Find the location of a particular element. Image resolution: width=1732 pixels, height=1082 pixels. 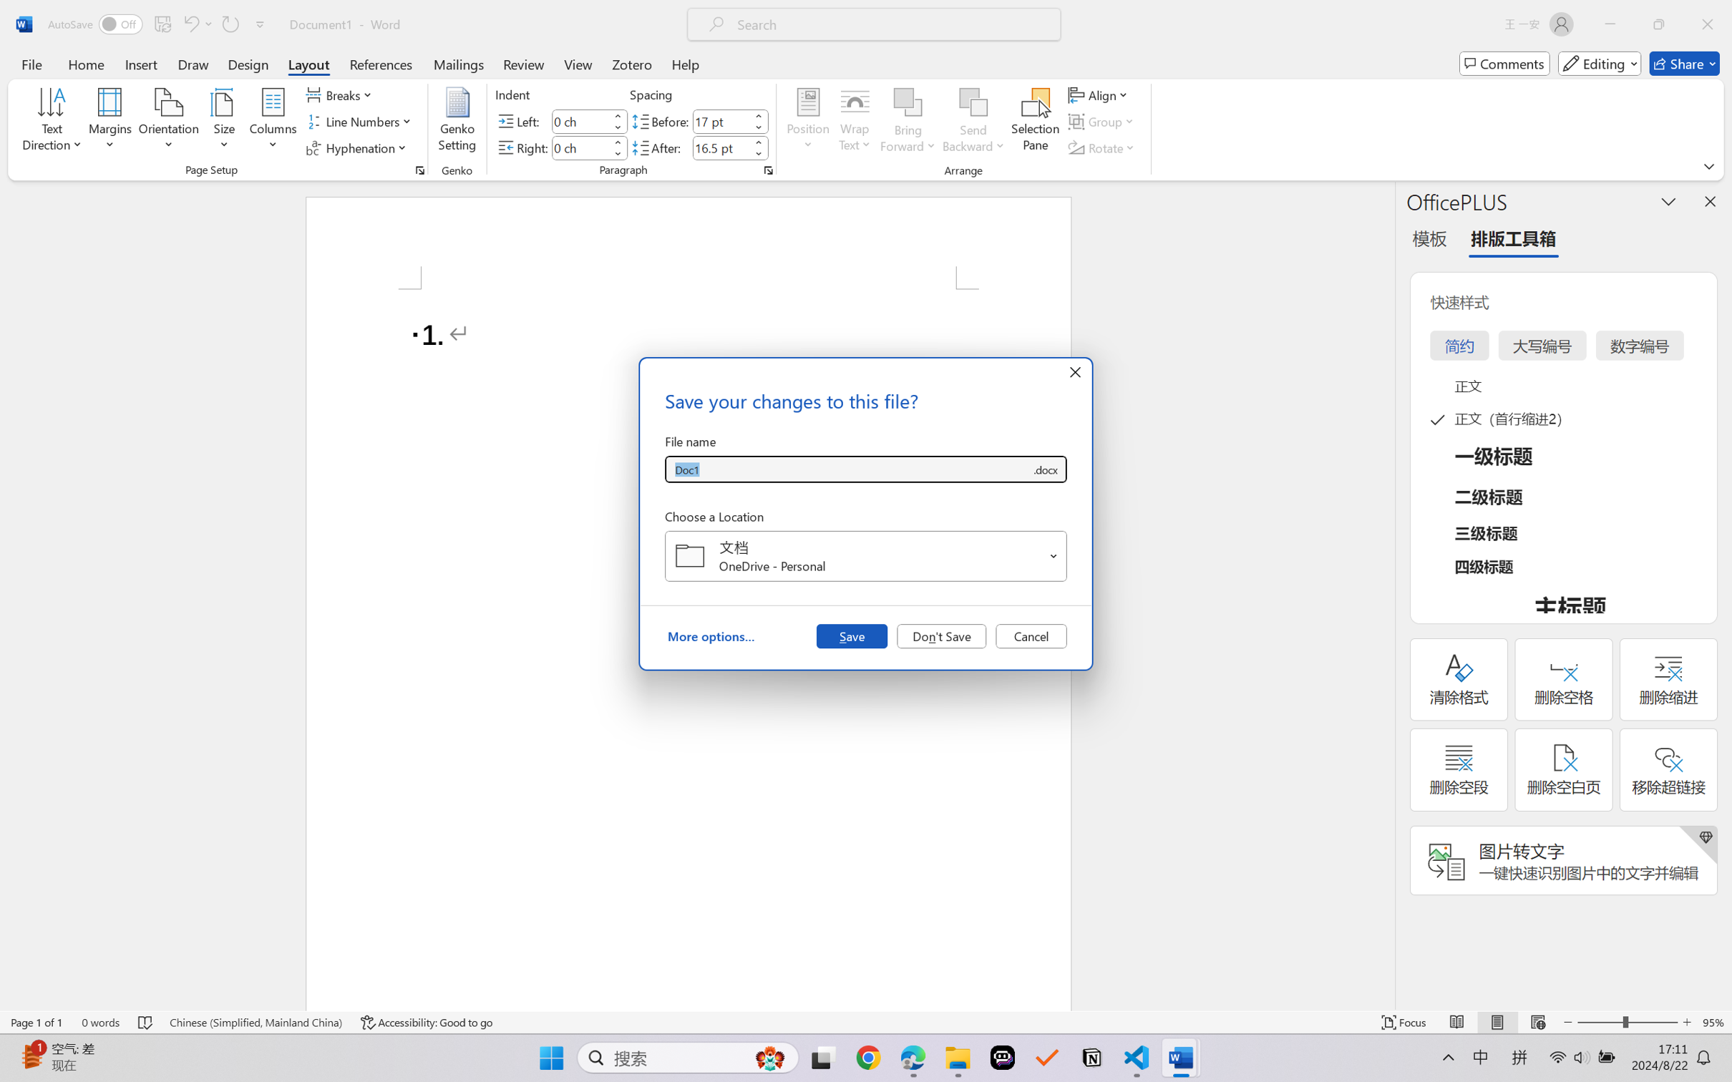

'Indent Right' is located at coordinates (580, 147).